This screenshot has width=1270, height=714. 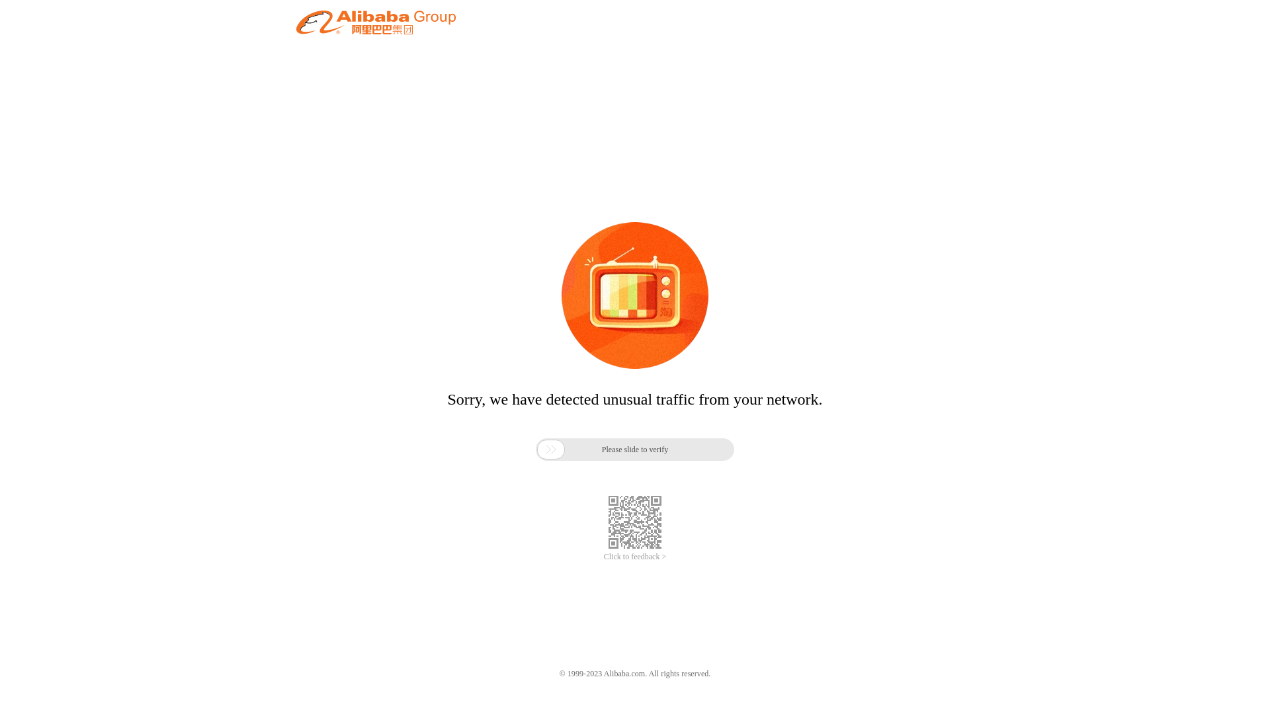 I want to click on 'Click to feedback >', so click(x=635, y=557).